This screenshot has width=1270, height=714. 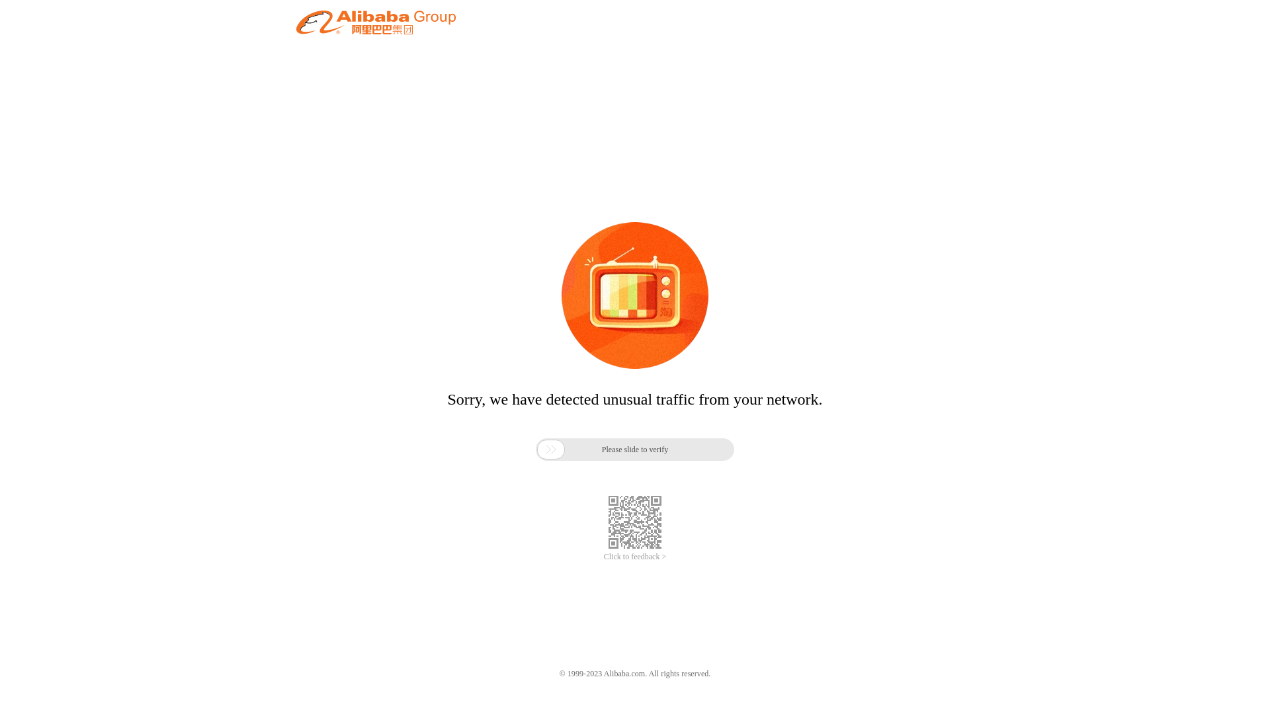 I want to click on 'Click to feedback >', so click(x=635, y=557).